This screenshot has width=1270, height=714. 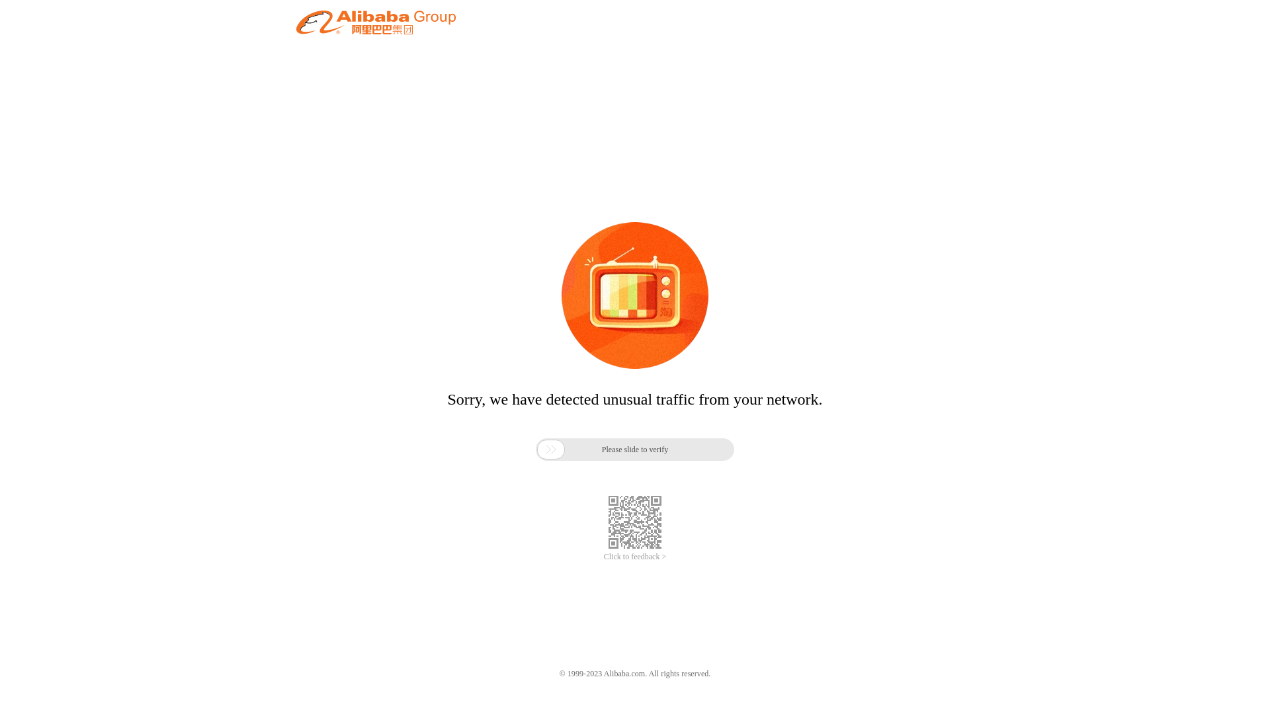 I want to click on 'Click to feedback >', so click(x=635, y=557).